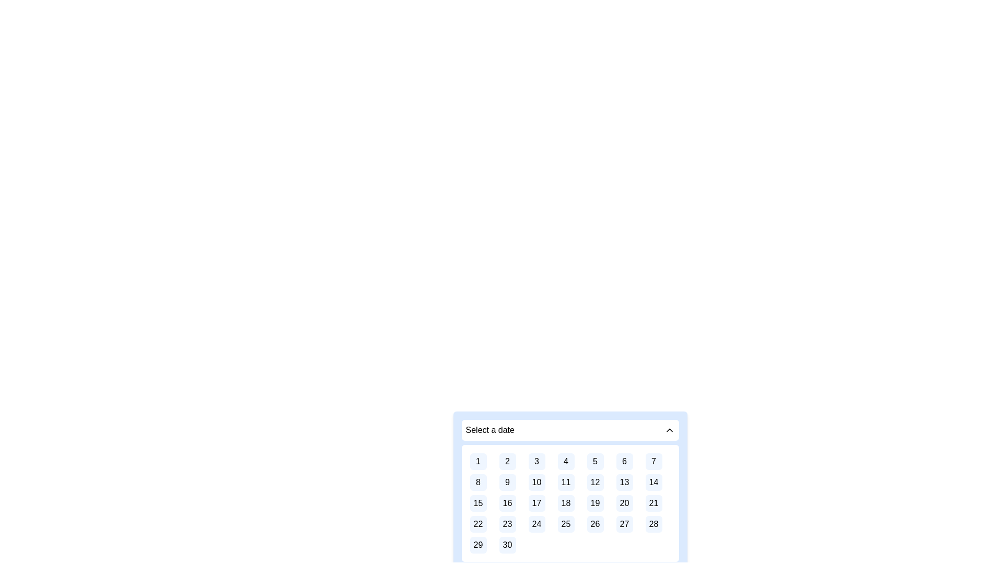 The width and height of the screenshot is (1003, 564). What do you see at coordinates (624, 483) in the screenshot?
I see `the date selector button representing the date '13' in the calendar, located in the second row and sixth column of the calendar grid` at bounding box center [624, 483].